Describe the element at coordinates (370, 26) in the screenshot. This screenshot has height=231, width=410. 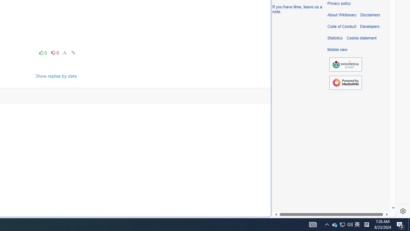
I see `'Developers'` at that location.